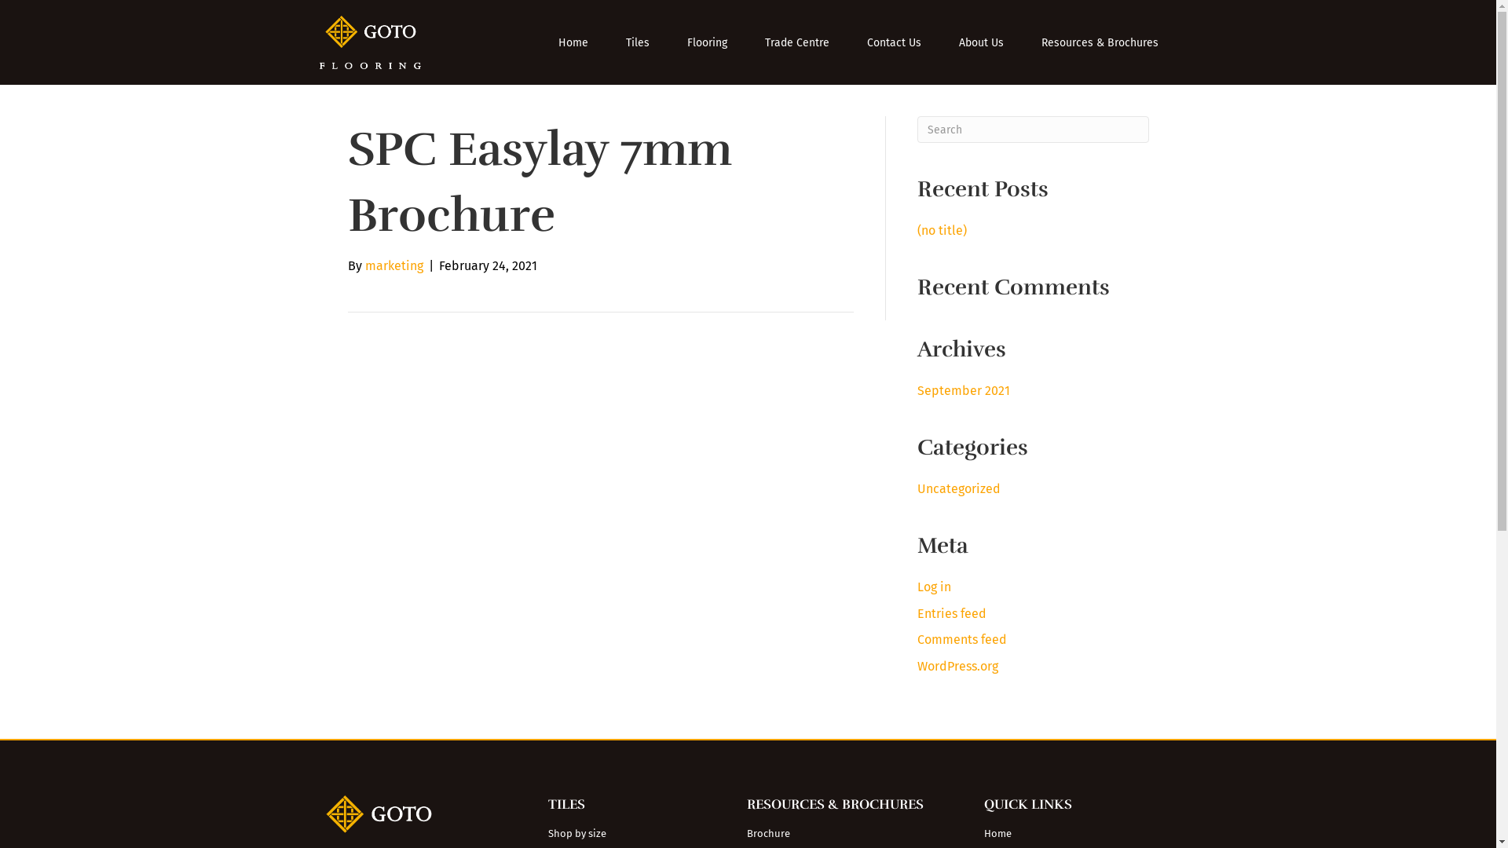 The height and width of the screenshot is (848, 1508). What do you see at coordinates (917, 612) in the screenshot?
I see `'Entries feed'` at bounding box center [917, 612].